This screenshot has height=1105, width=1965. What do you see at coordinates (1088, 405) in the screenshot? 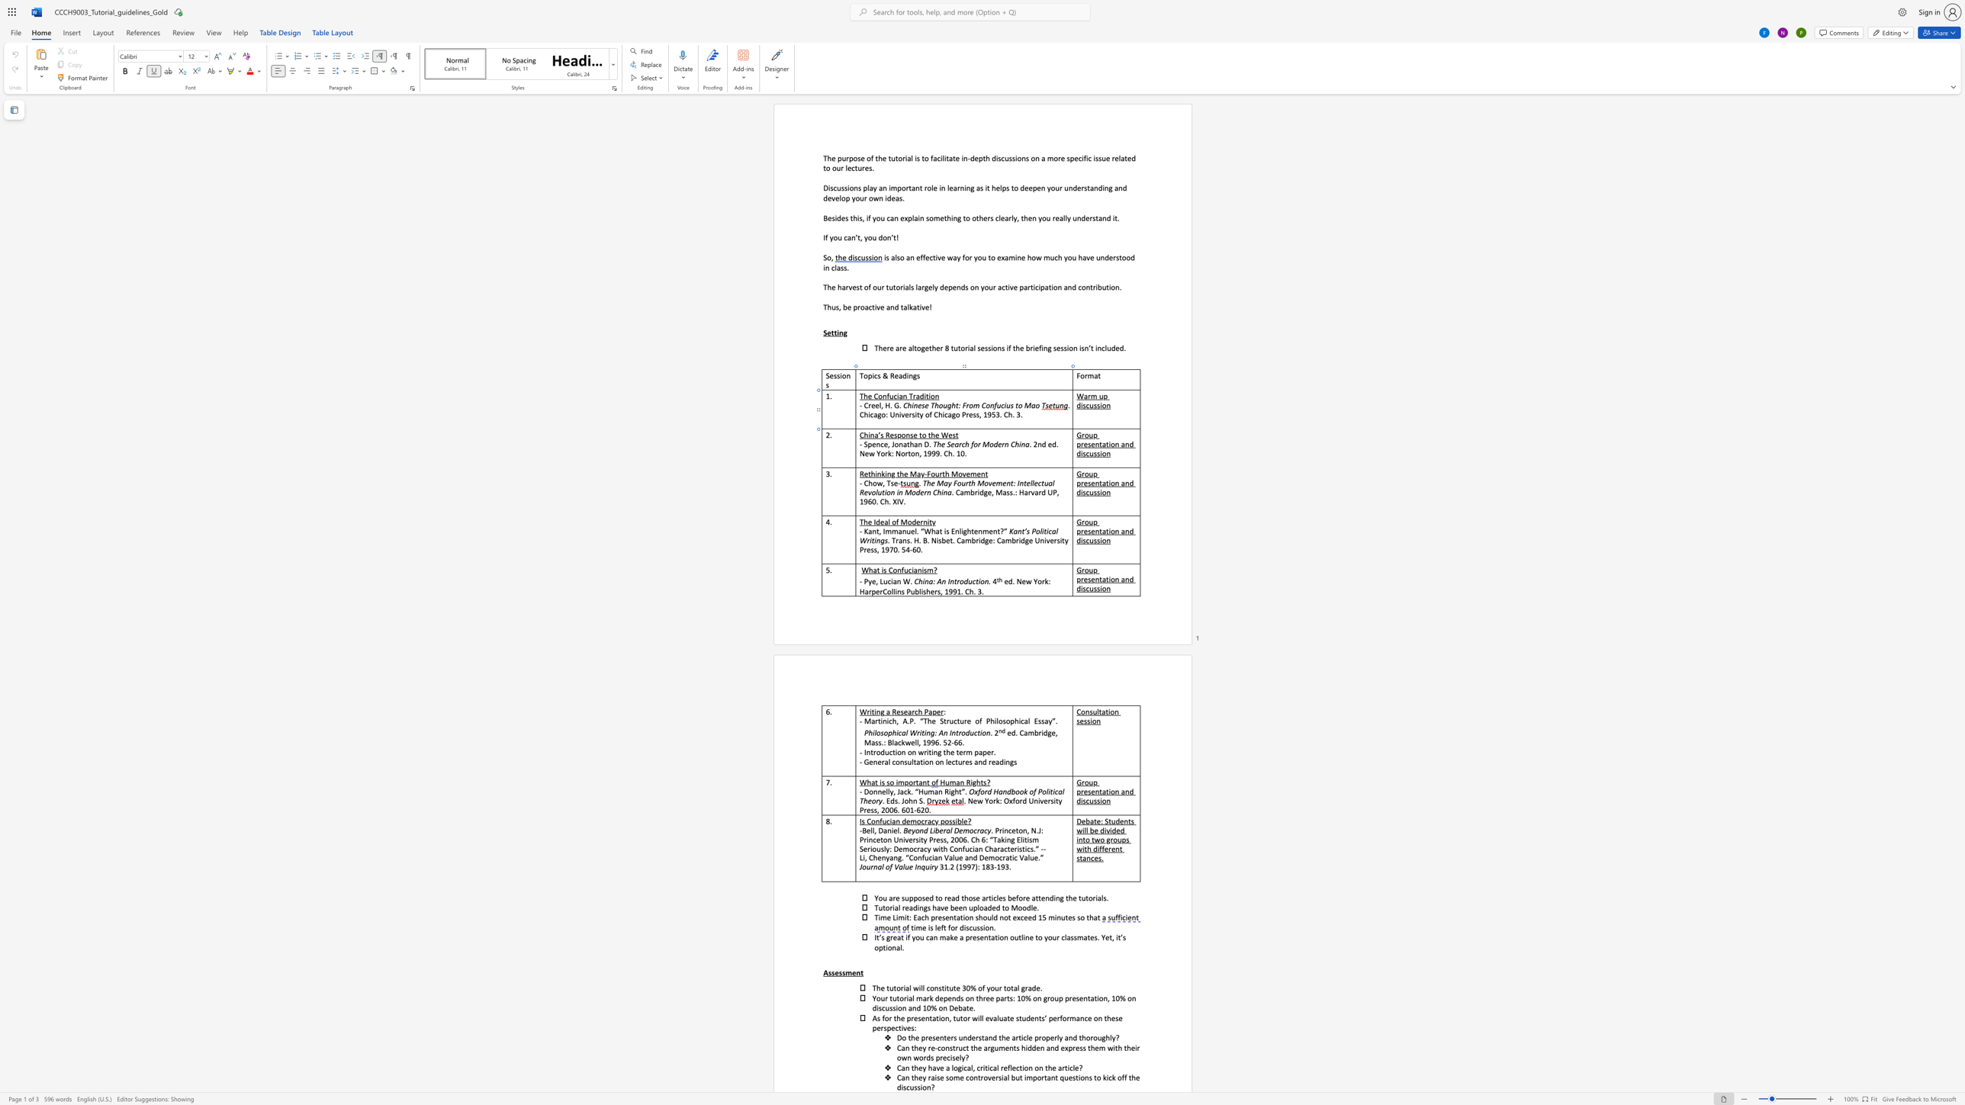
I see `the 1th character "c" in the text` at bounding box center [1088, 405].